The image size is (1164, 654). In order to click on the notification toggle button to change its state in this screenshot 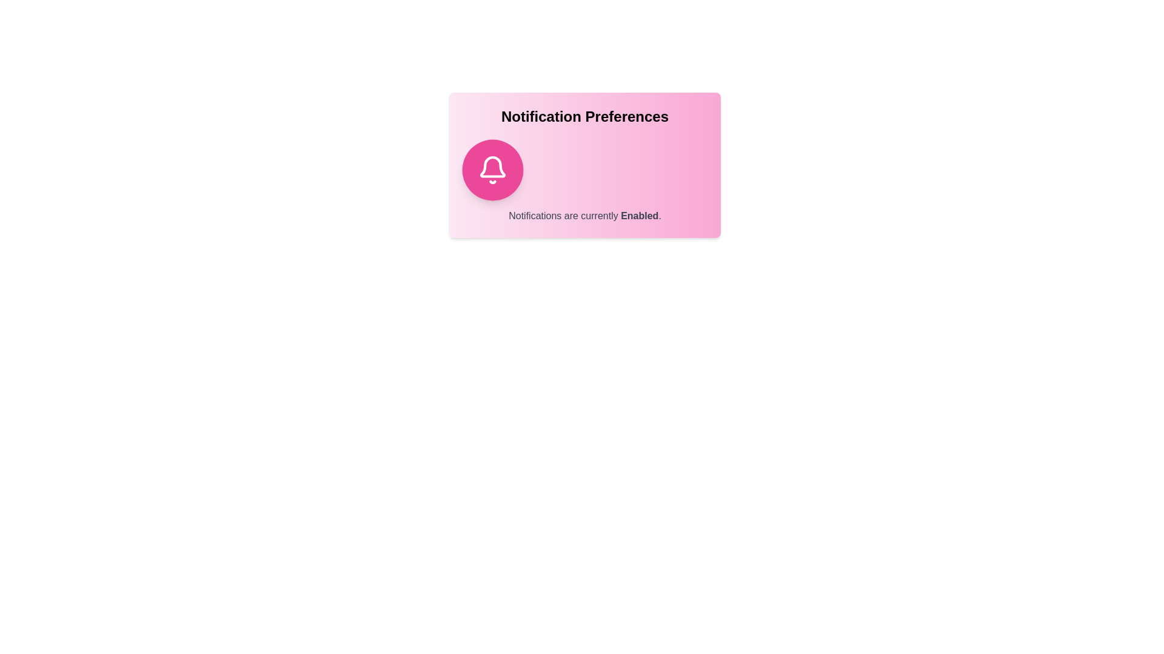, I will do `click(492, 170)`.